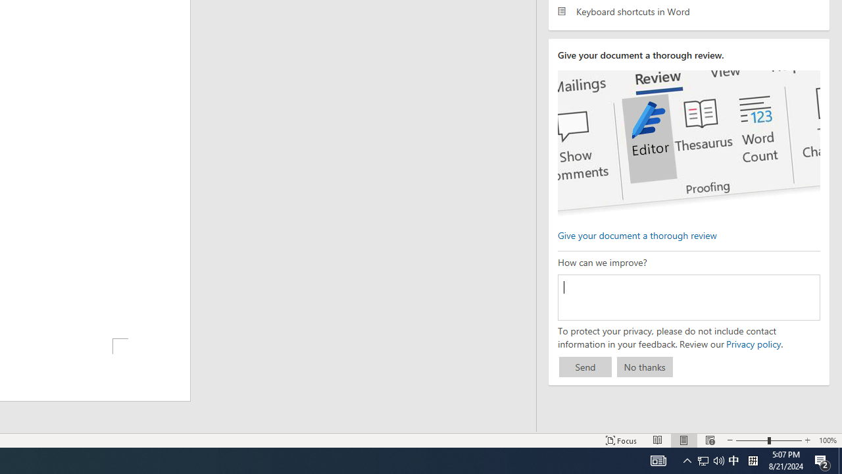 The image size is (842, 474). What do you see at coordinates (645, 367) in the screenshot?
I see `'No thanks'` at bounding box center [645, 367].